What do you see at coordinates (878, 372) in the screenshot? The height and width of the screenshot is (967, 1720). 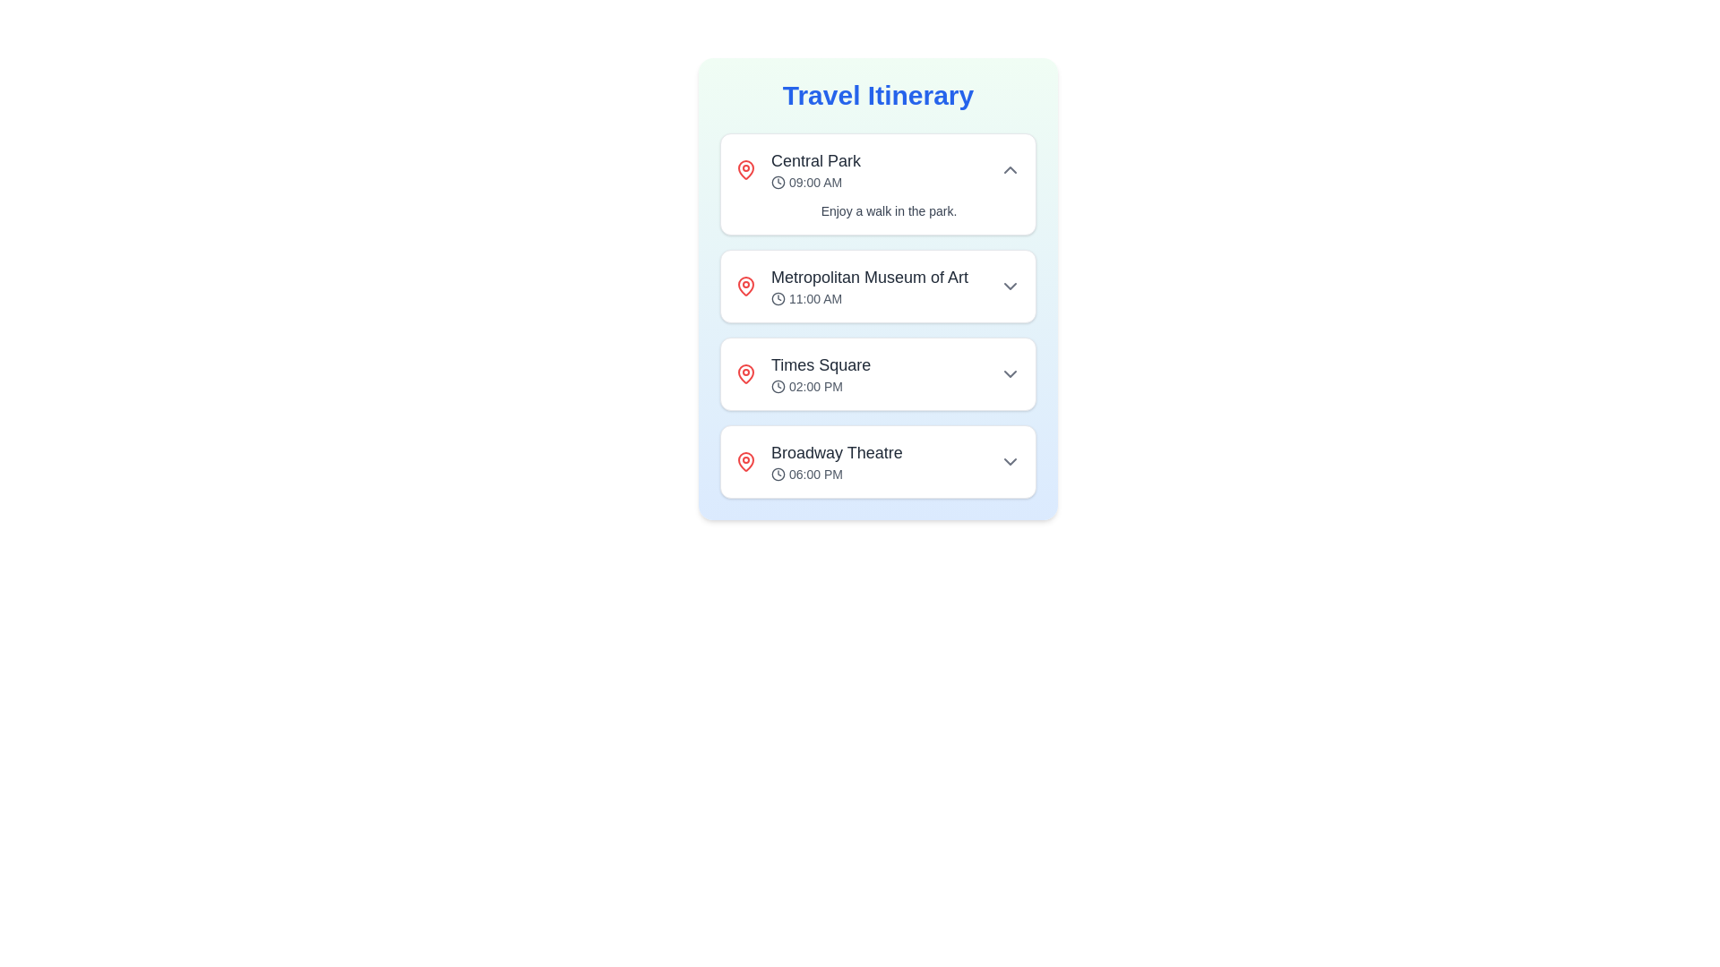 I see `the 'Times Square' itinerary entry` at bounding box center [878, 372].